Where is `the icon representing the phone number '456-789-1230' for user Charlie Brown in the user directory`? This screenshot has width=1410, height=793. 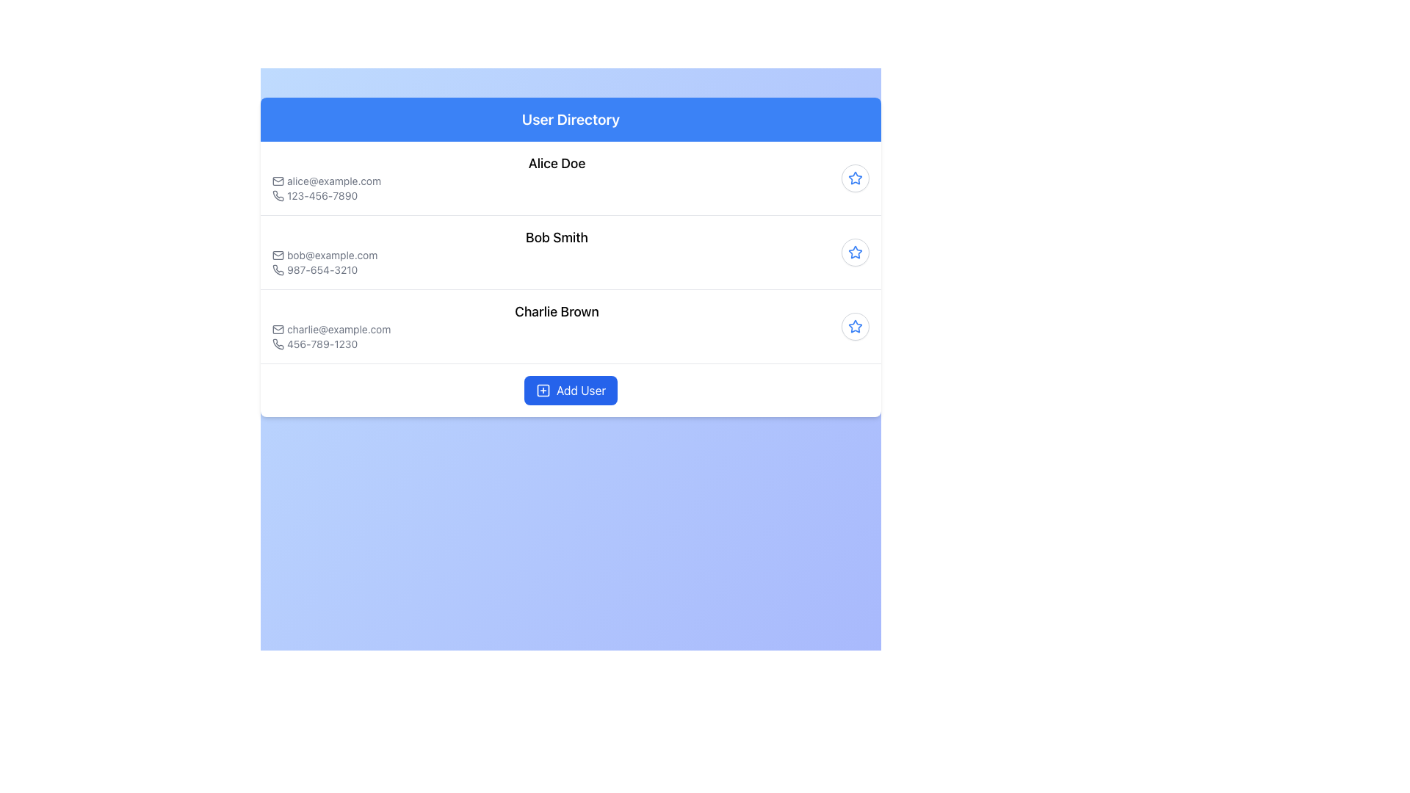 the icon representing the phone number '456-789-1230' for user Charlie Brown in the user directory is located at coordinates (278, 344).